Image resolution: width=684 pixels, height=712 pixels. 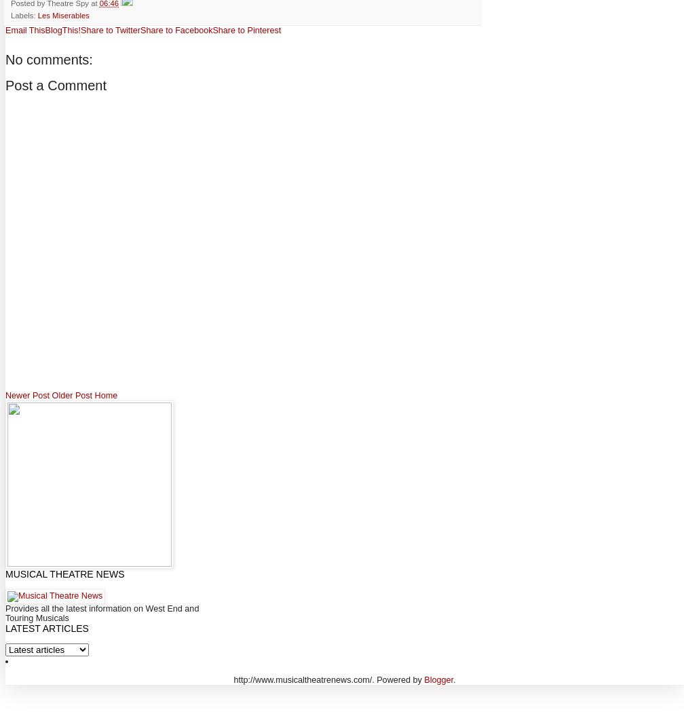 I want to click on 'http://www.musicaltheatrenews.com/. Powered by', so click(x=328, y=679).